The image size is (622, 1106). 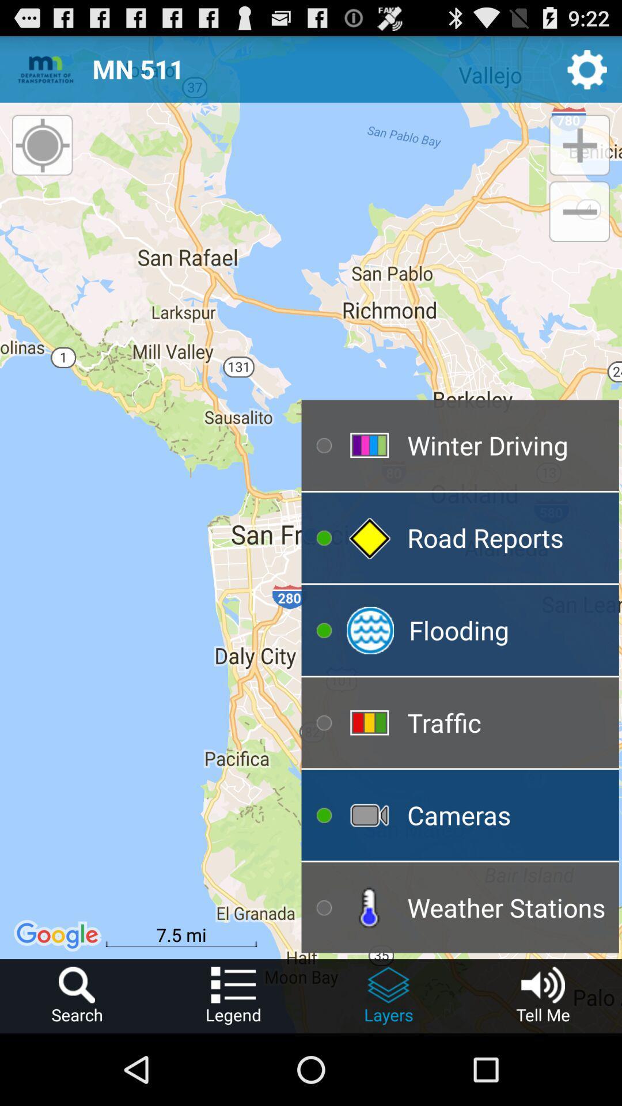 I want to click on app above winter driving, so click(x=579, y=211).